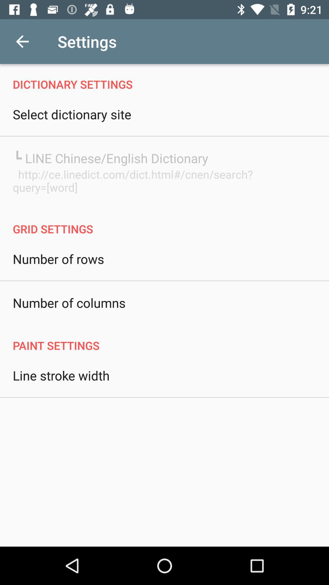 The image size is (329, 585). What do you see at coordinates (72, 114) in the screenshot?
I see `the select dictionary site` at bounding box center [72, 114].